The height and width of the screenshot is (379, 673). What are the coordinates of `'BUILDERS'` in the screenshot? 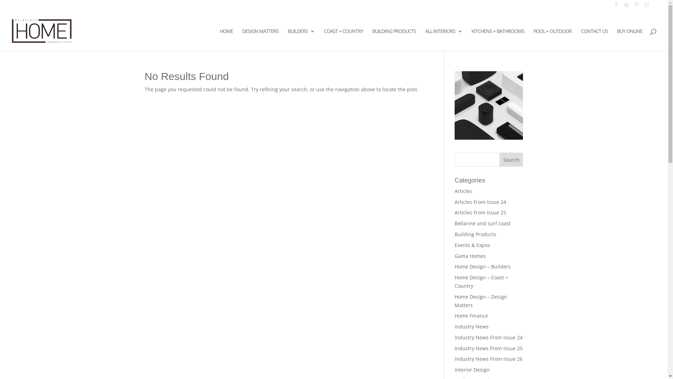 It's located at (301, 40).